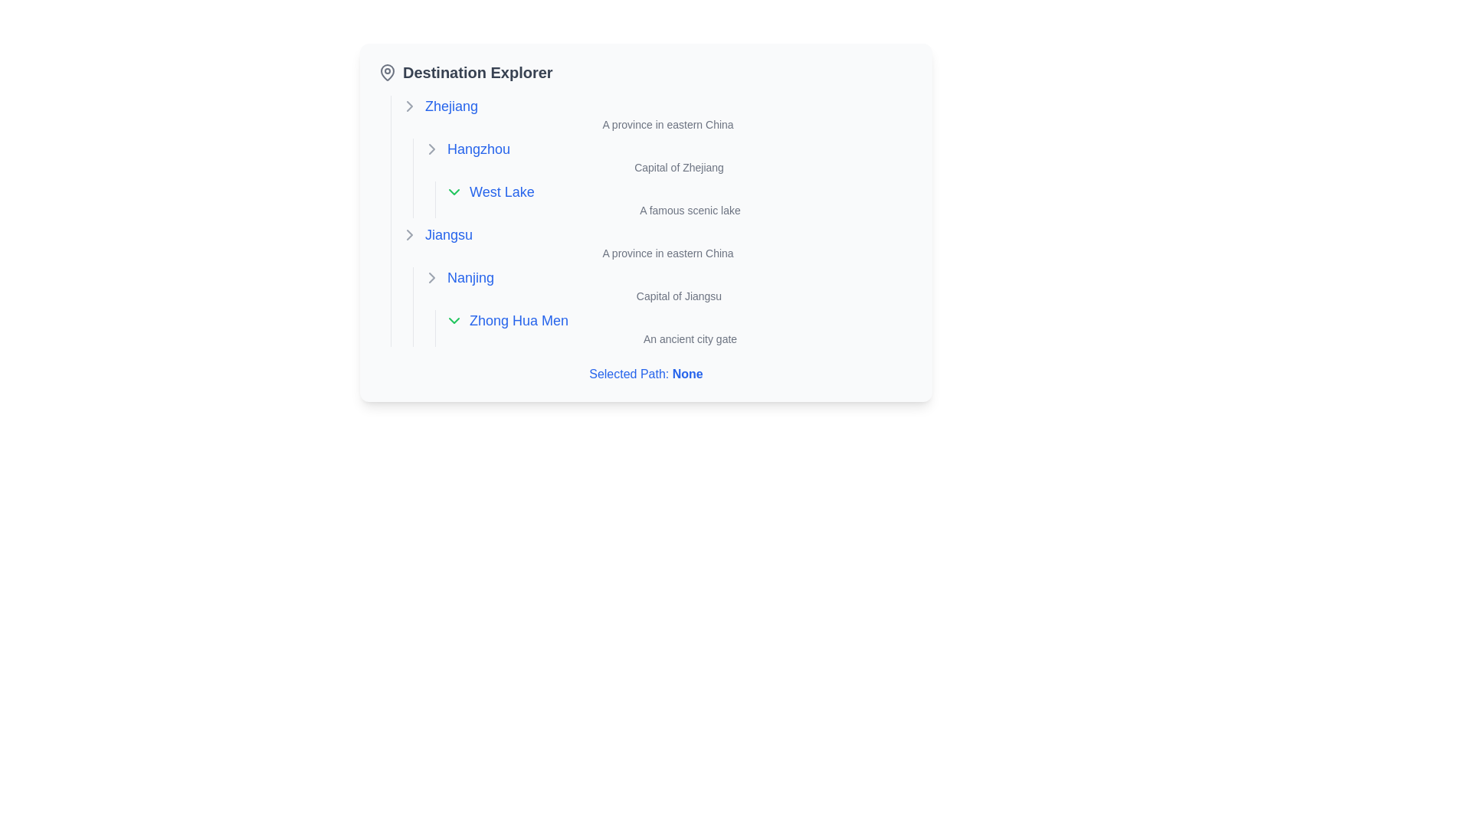 This screenshot has width=1471, height=827. I want to click on the right-pointing chevron icon styled in gray, located to the left of the 'Nanjing' text under the 'Destination Explorer' heading for keyboard navigation, so click(431, 277).